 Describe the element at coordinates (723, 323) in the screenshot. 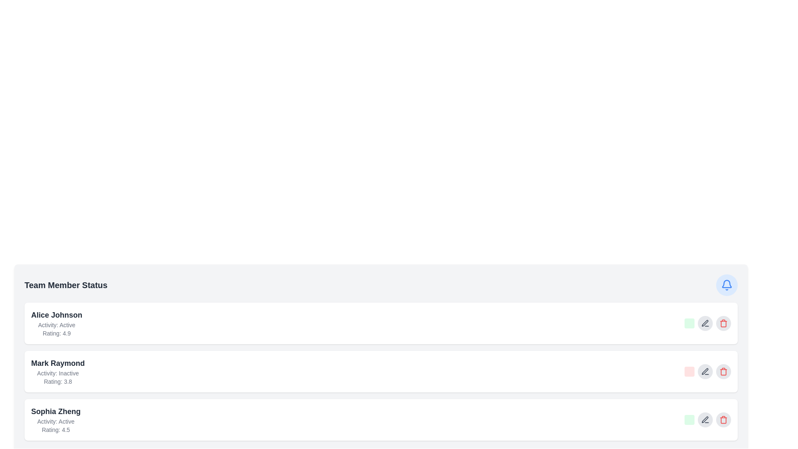

I see `the delete icon button located at the right side of the row corresponding to 'Alice Johnson' in the list` at that location.